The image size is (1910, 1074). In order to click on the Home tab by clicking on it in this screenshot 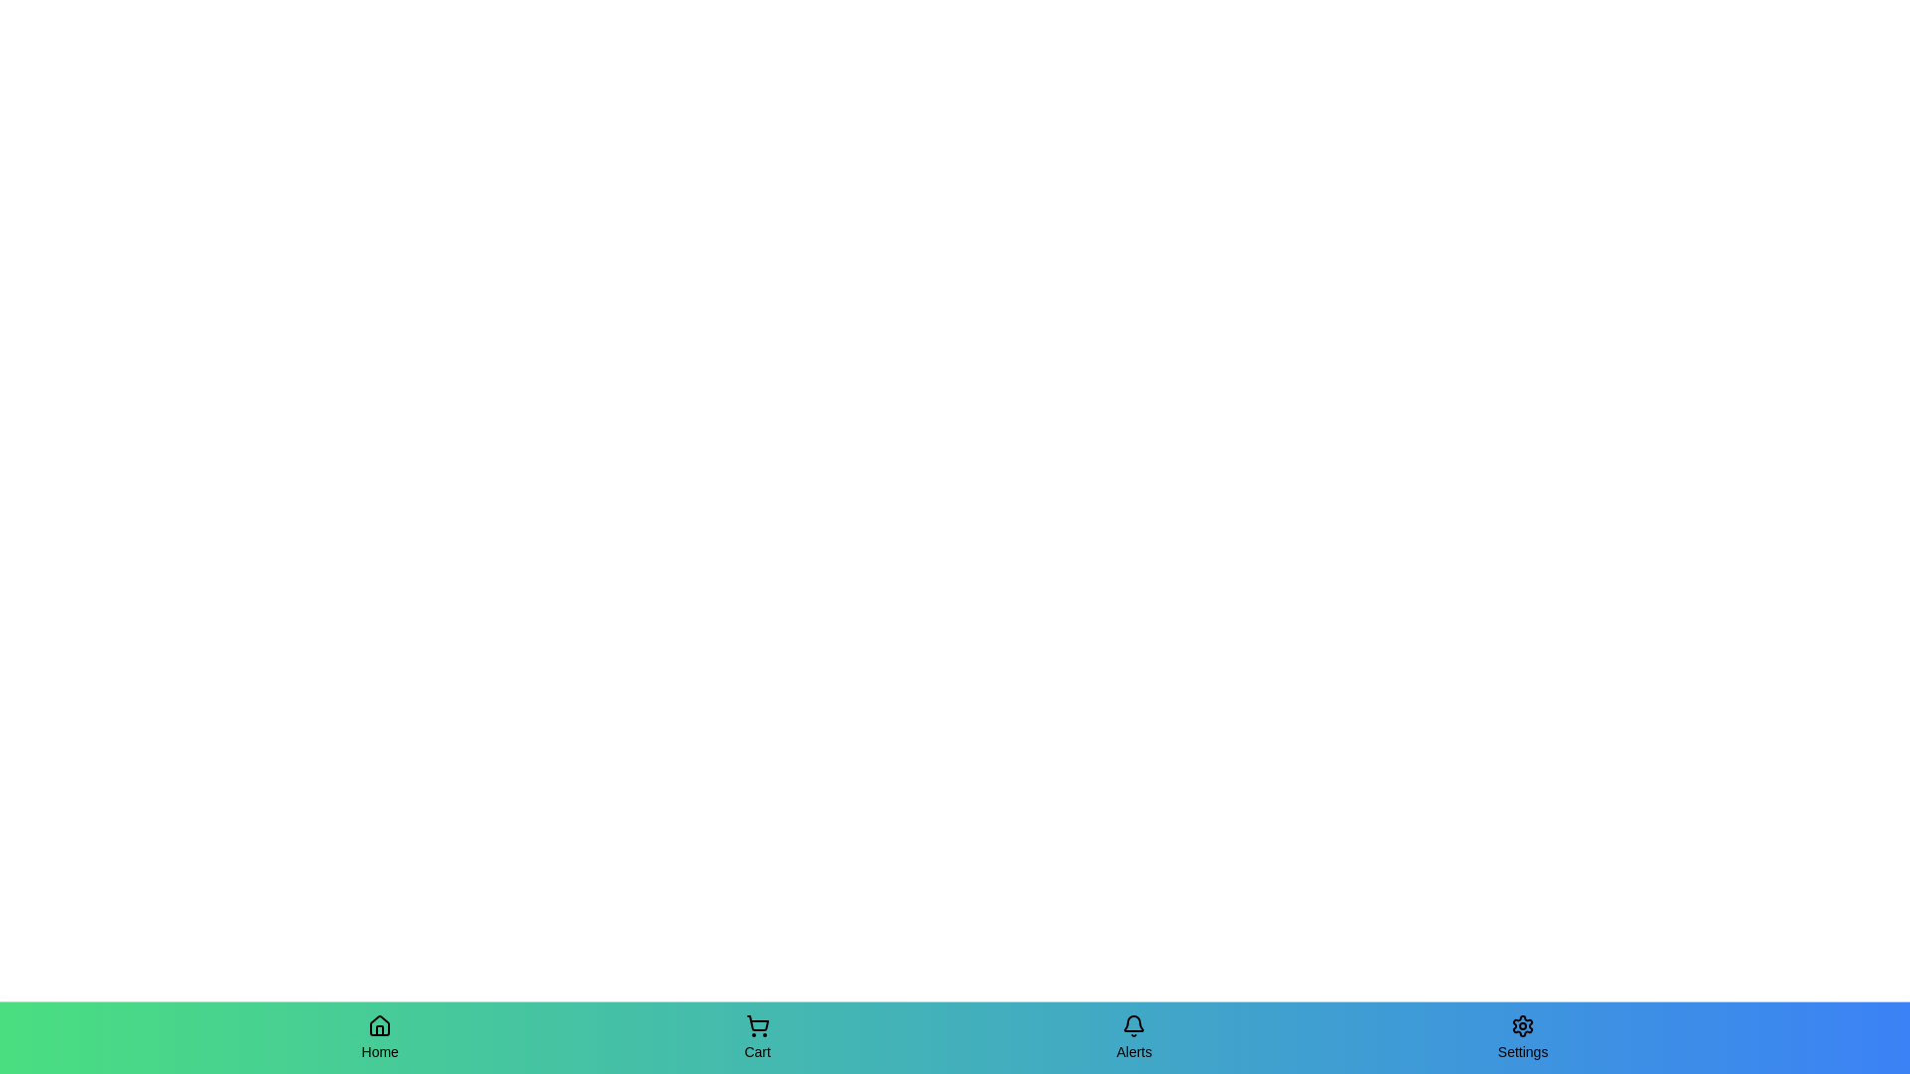, I will do `click(380, 1037)`.